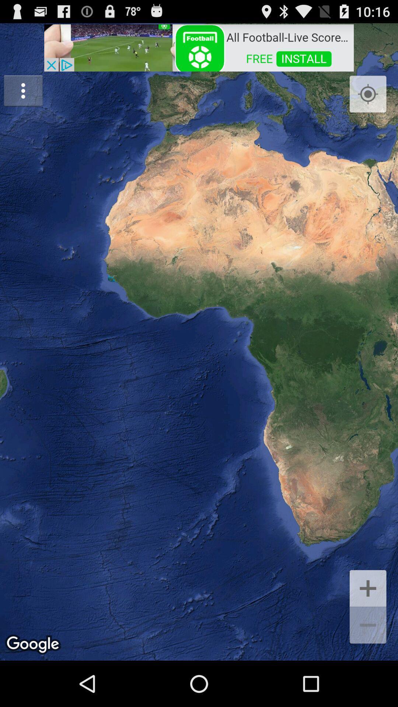  What do you see at coordinates (22, 97) in the screenshot?
I see `the more icon` at bounding box center [22, 97].